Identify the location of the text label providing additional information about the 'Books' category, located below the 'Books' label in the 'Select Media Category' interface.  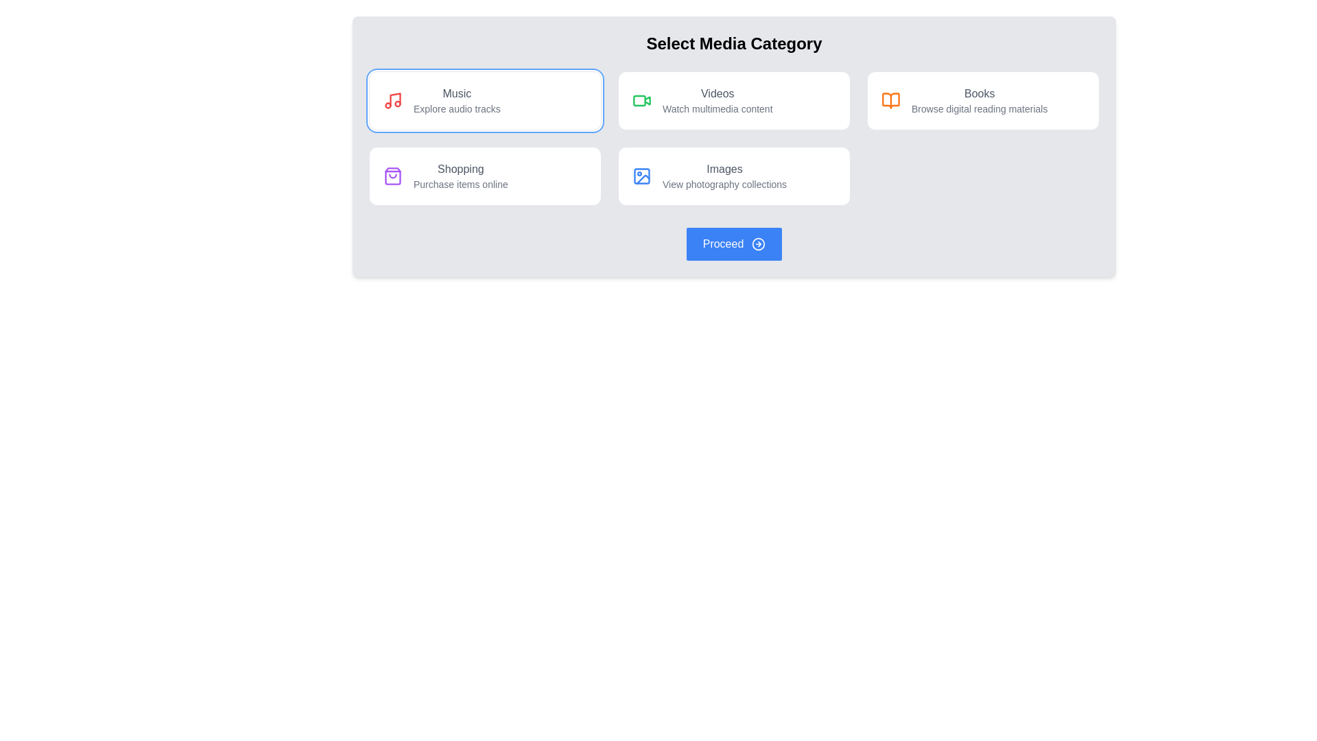
(979, 108).